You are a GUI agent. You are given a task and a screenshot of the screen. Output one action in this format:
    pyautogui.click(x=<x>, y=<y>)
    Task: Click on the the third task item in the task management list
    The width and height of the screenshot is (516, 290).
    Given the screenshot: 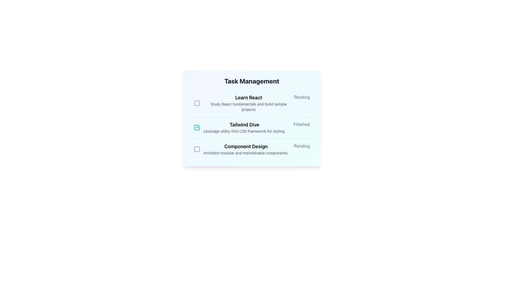 What is the action you would take?
    pyautogui.click(x=251, y=149)
    